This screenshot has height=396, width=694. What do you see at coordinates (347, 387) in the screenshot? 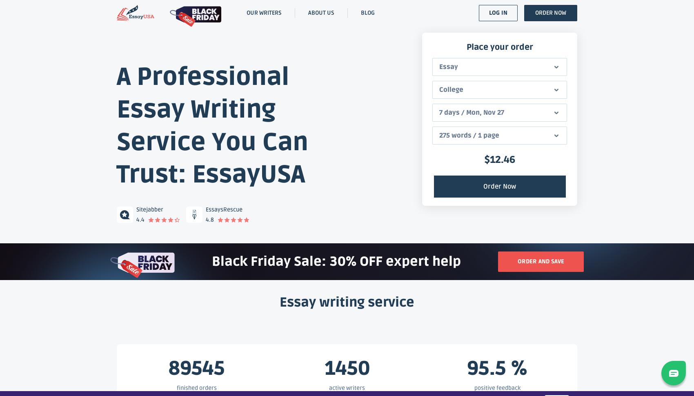
I see `'active writers'` at bounding box center [347, 387].